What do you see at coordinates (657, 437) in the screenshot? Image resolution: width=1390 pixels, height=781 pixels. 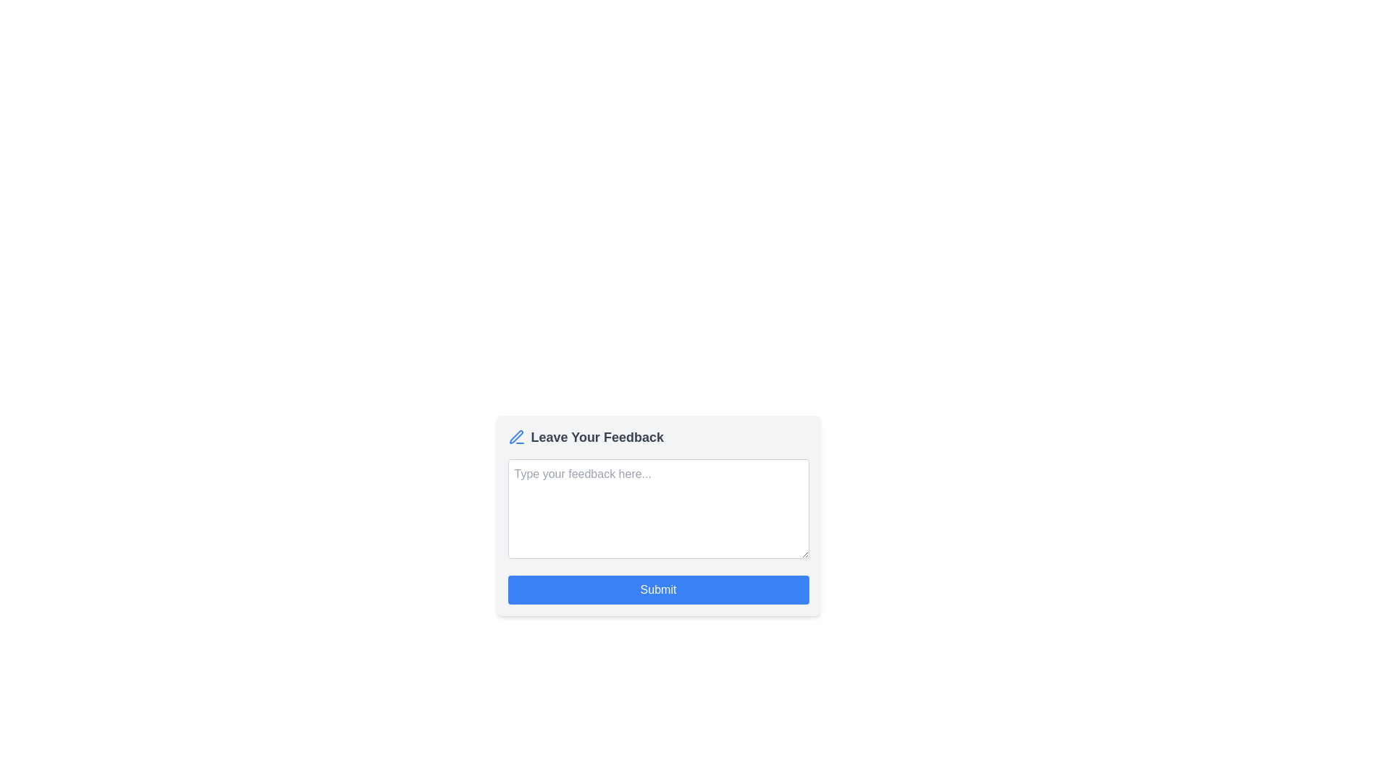 I see `the 'Leave Your Feedback' header element, which consists of a blue pen icon followed by bold gray text, located at the top of the feedback component` at bounding box center [657, 437].